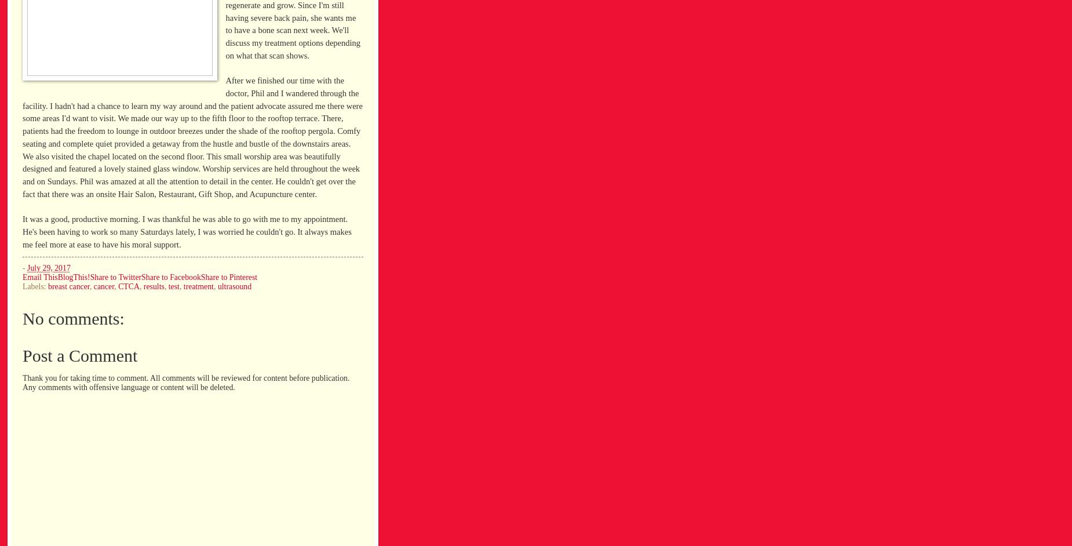  What do you see at coordinates (103, 286) in the screenshot?
I see `'cancer'` at bounding box center [103, 286].